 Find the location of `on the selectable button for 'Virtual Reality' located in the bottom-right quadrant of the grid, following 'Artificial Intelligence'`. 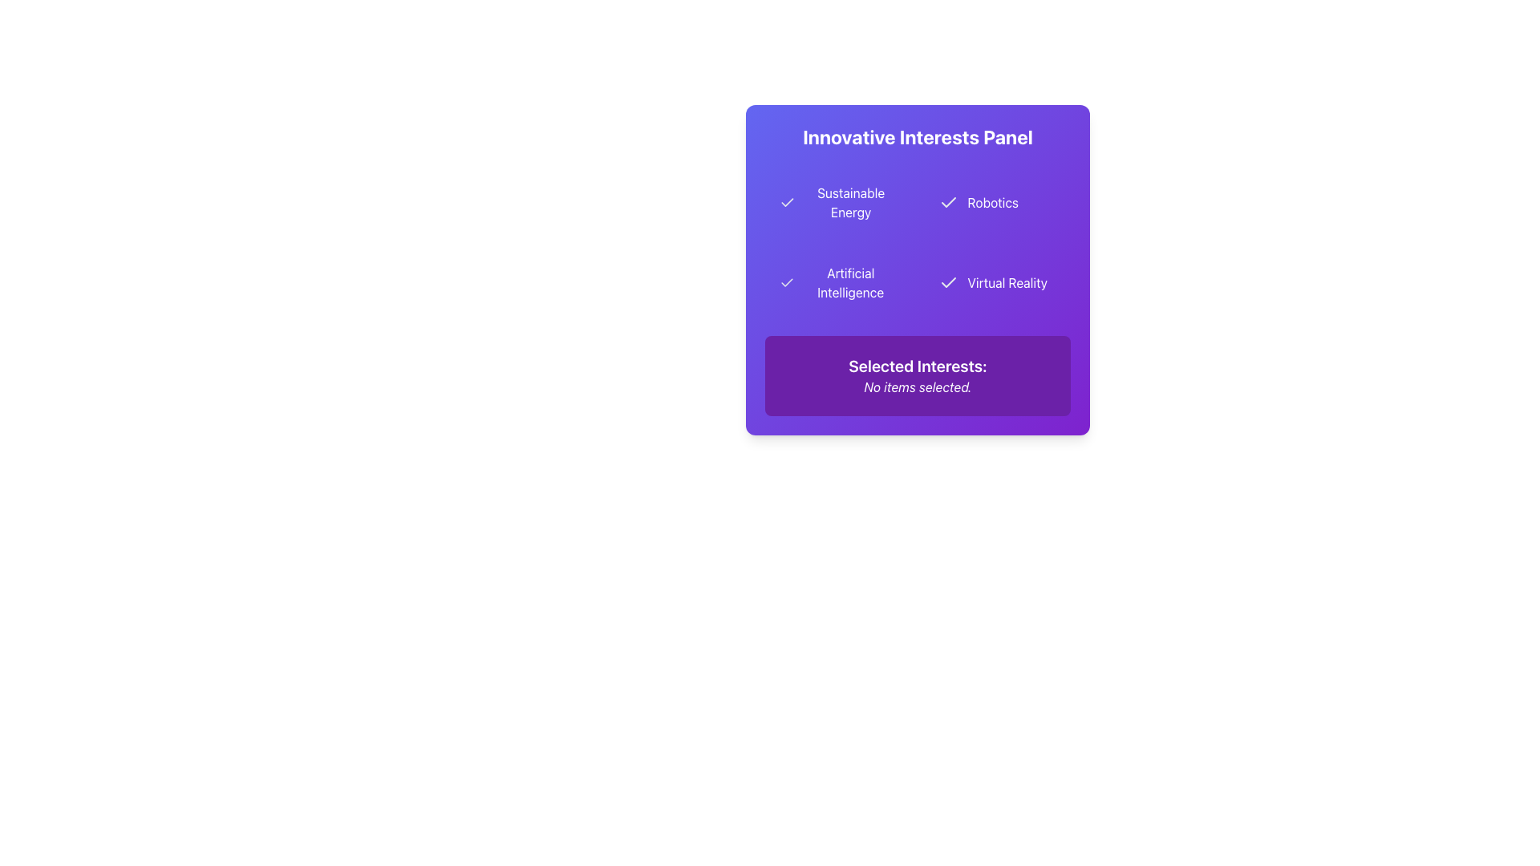

on the selectable button for 'Virtual Reality' located in the bottom-right quadrant of the grid, following 'Artificial Intelligence' is located at coordinates (996, 282).